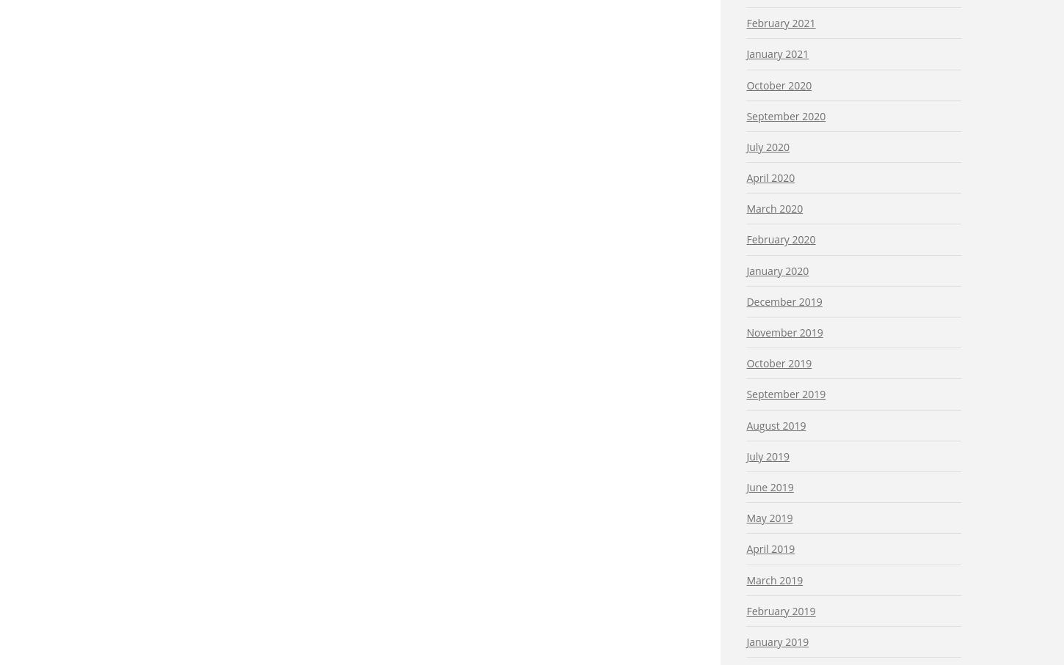 The width and height of the screenshot is (1064, 665). What do you see at coordinates (746, 115) in the screenshot?
I see `'September 2020'` at bounding box center [746, 115].